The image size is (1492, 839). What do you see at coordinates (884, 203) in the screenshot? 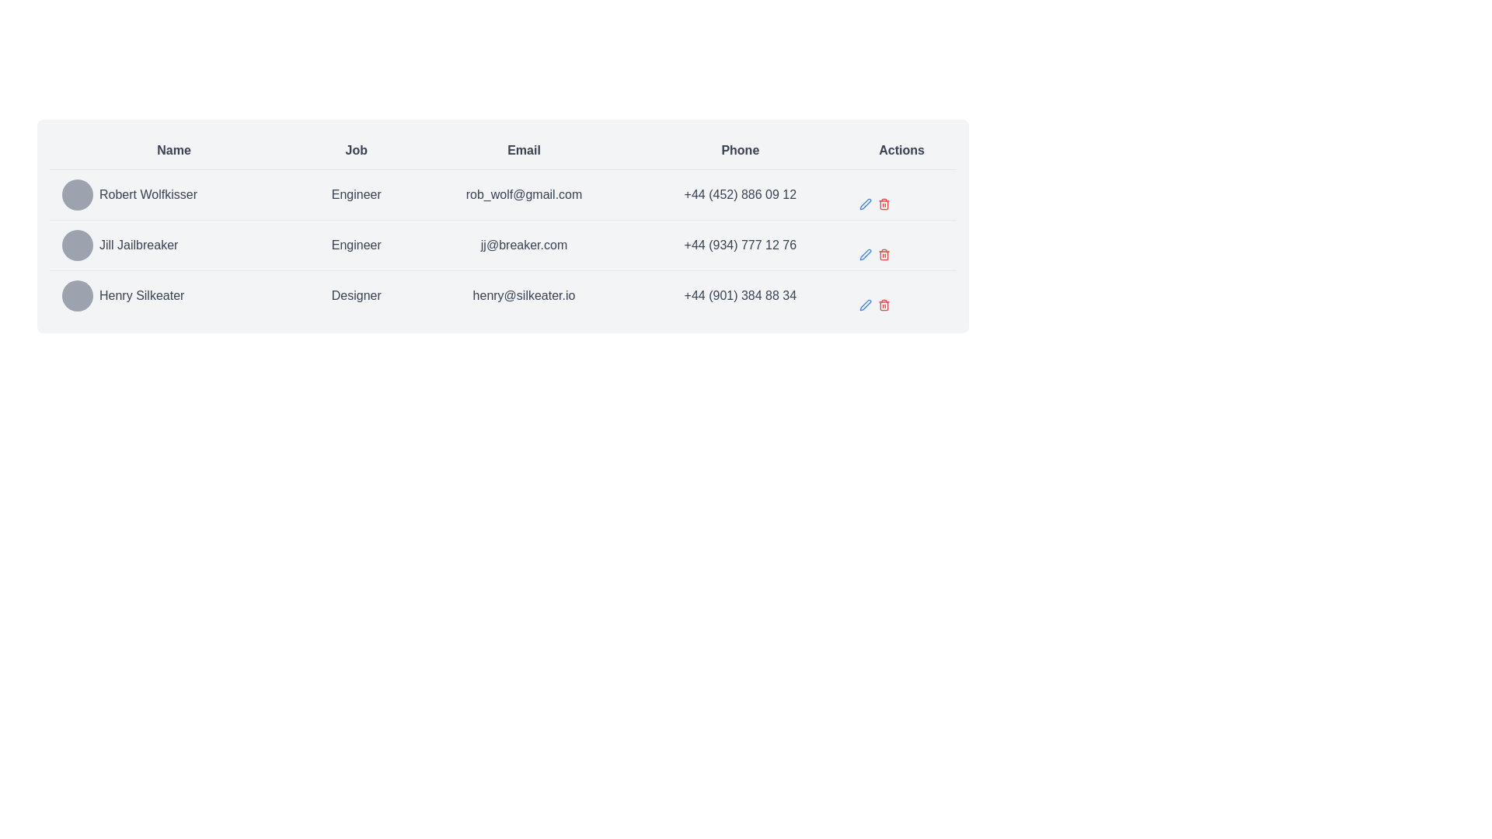
I see `the delete button located to the right of the blue pencil-shaped 'edit' icon` at bounding box center [884, 203].